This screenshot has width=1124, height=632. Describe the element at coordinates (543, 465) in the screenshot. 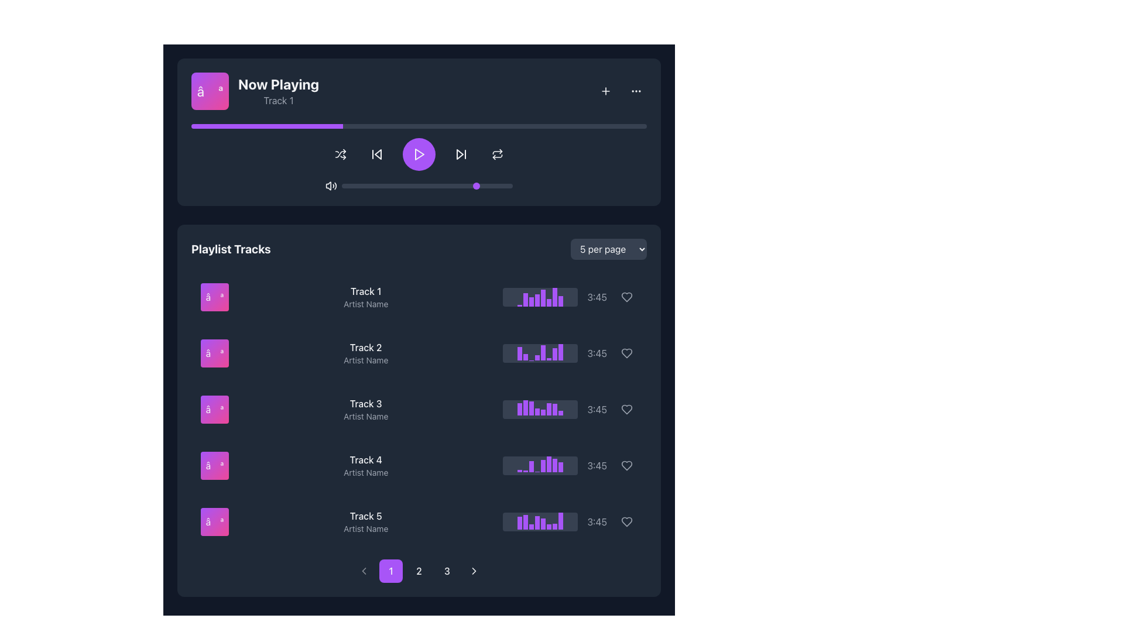

I see `the graphical bar representing Track 4's playback state, which is the fifth bar in the 'Play' section of the Playlist Tracks` at that location.